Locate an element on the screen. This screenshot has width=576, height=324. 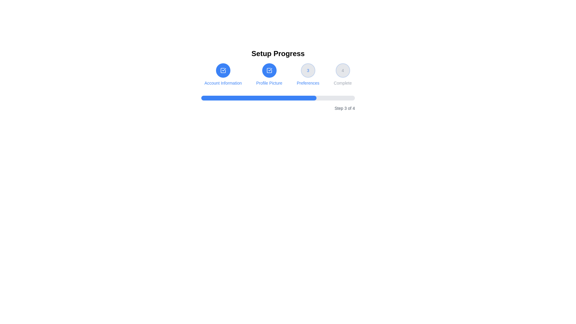
the Step Indicator with the number '4' and the label 'Complete', which is the fourth element in a horizontal progress indicator is located at coordinates (343, 74).